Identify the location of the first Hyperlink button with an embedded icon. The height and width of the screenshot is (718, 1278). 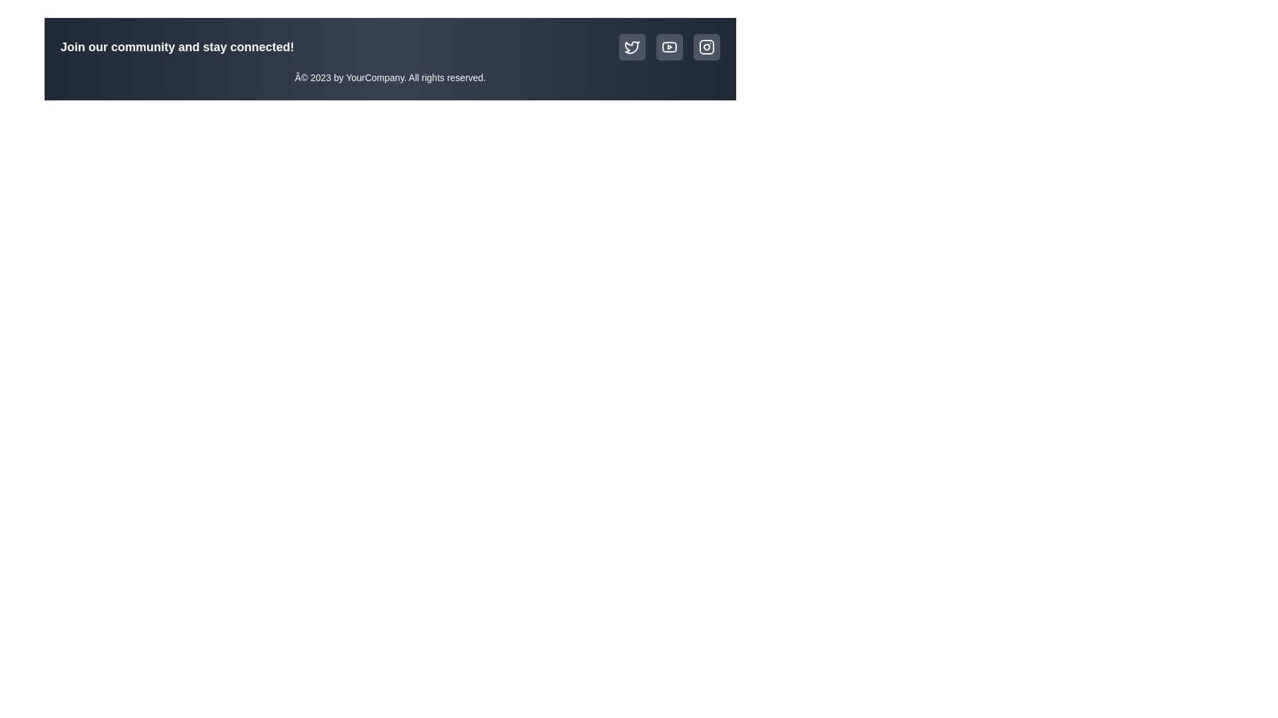
(632, 46).